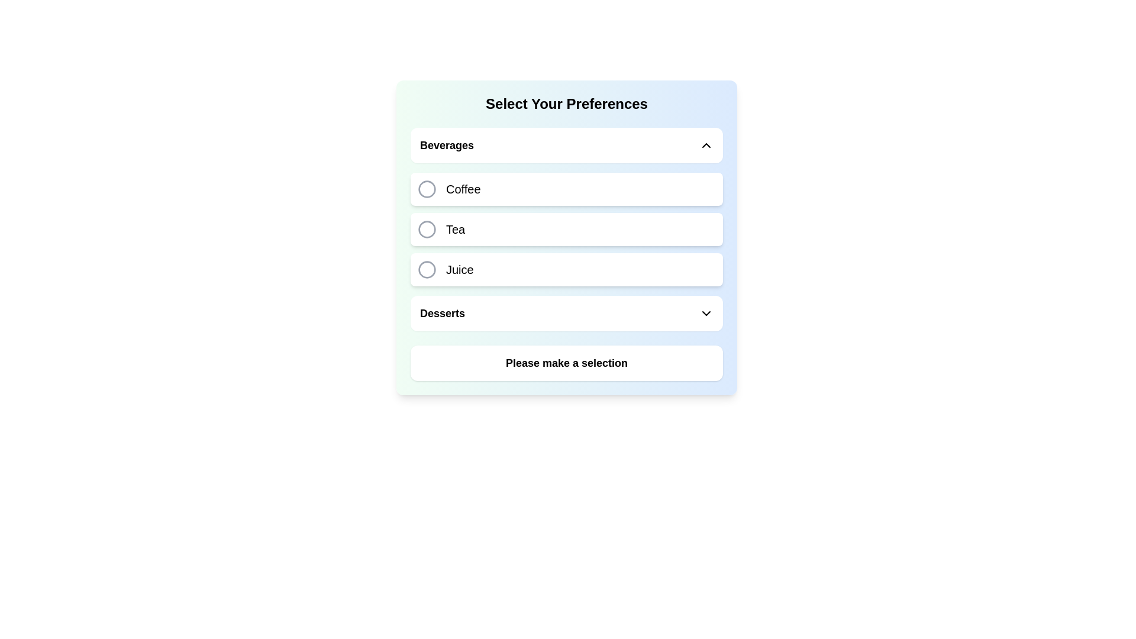  What do you see at coordinates (566, 312) in the screenshot?
I see `the 'Desserts' dropdown menu located below the 'Coffee', 'Tea', and 'Juice' options` at bounding box center [566, 312].